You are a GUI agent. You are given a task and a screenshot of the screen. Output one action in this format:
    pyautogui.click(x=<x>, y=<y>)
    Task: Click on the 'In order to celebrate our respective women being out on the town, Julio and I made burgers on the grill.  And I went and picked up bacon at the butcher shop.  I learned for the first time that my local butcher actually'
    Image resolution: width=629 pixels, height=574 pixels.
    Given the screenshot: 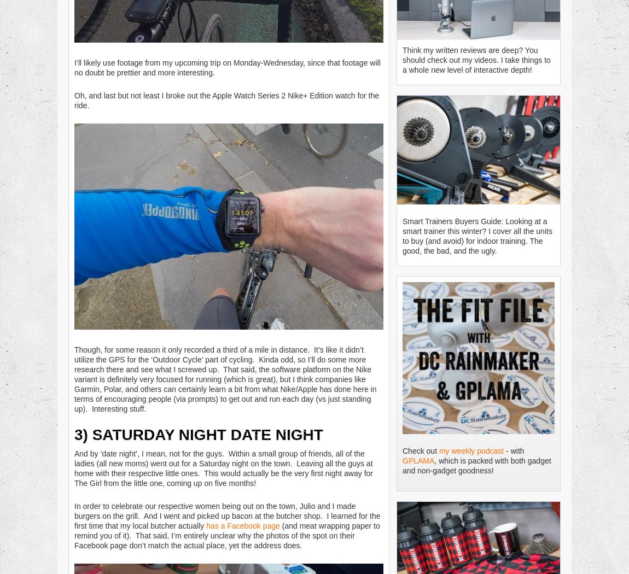 What is the action you would take?
    pyautogui.click(x=227, y=515)
    